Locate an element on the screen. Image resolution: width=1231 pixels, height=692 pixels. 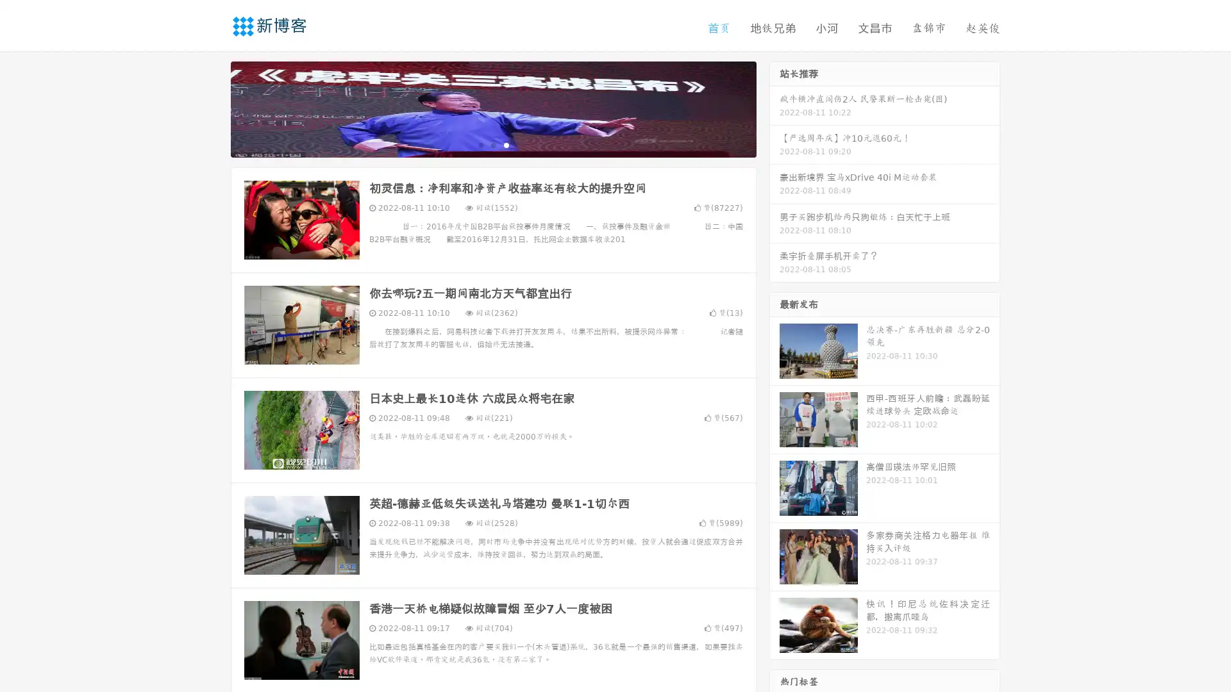
Previous slide is located at coordinates (212, 108).